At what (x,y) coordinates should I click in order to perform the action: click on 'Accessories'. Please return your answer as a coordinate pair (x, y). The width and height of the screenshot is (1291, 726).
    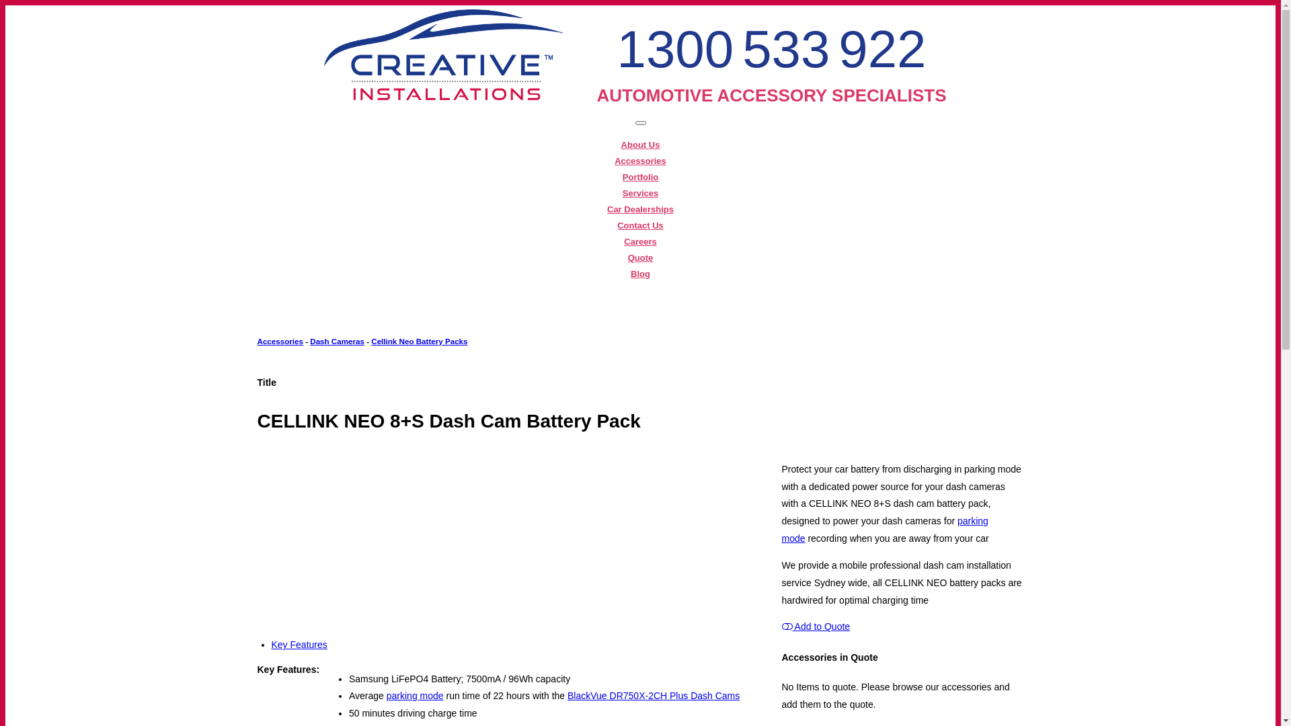
    Looking at the image, I should click on (257, 340).